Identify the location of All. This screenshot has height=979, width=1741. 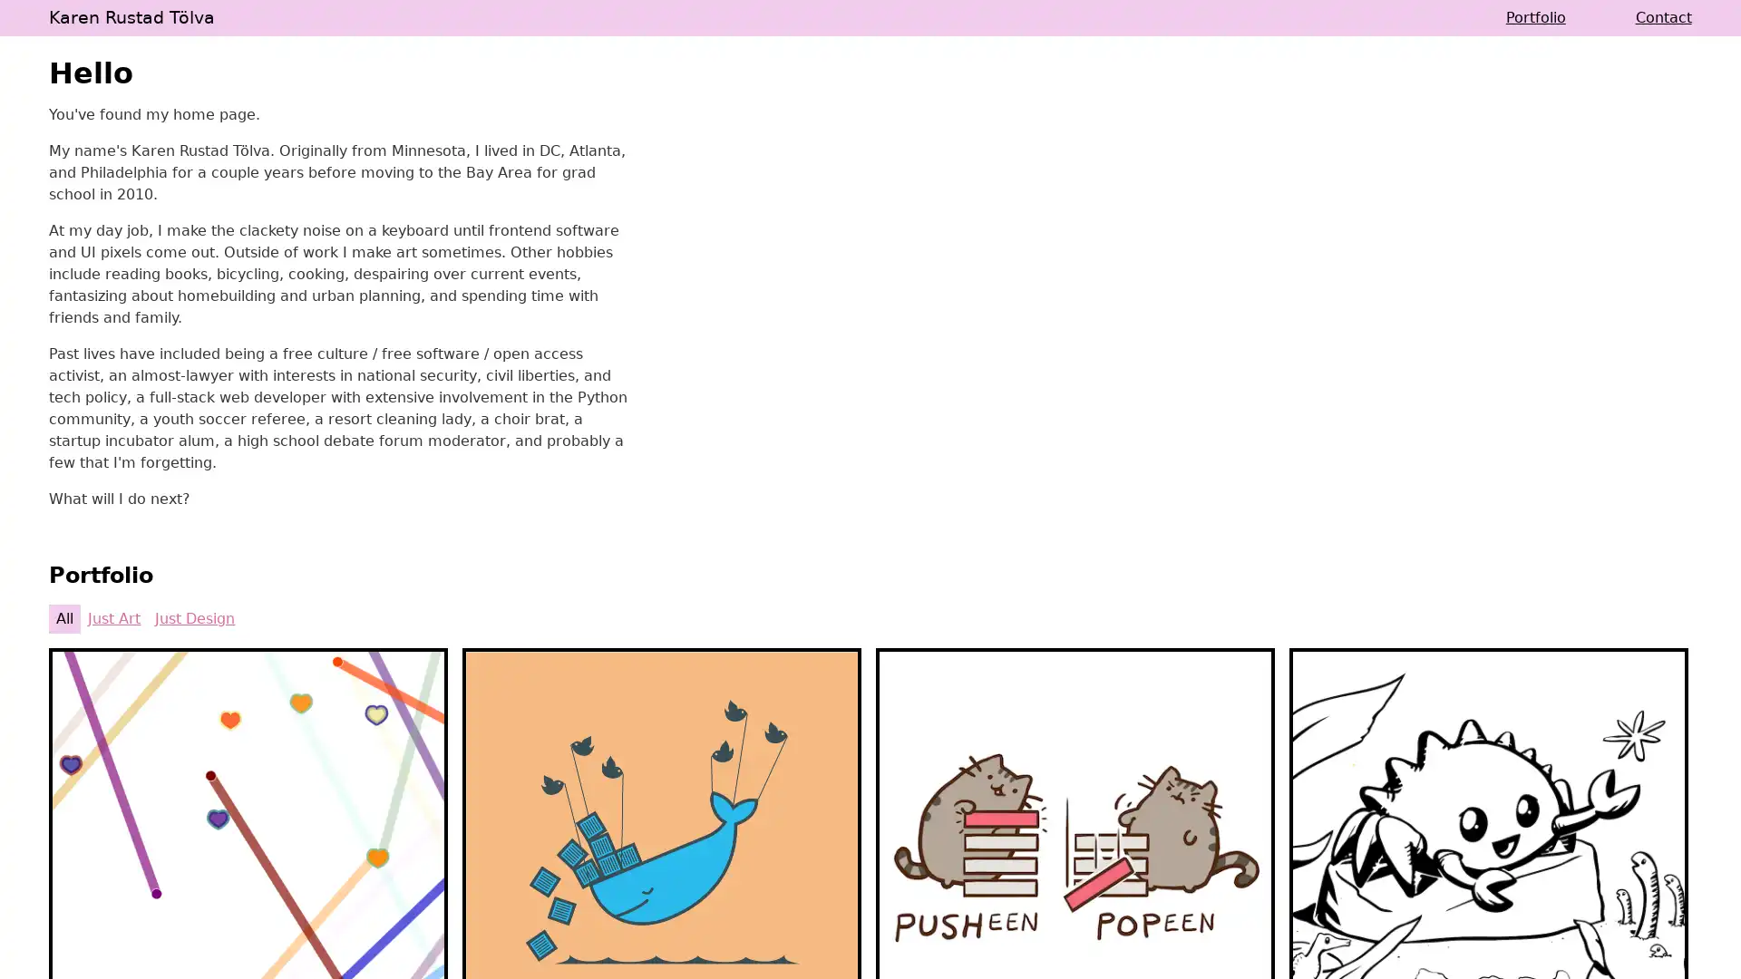
(64, 617).